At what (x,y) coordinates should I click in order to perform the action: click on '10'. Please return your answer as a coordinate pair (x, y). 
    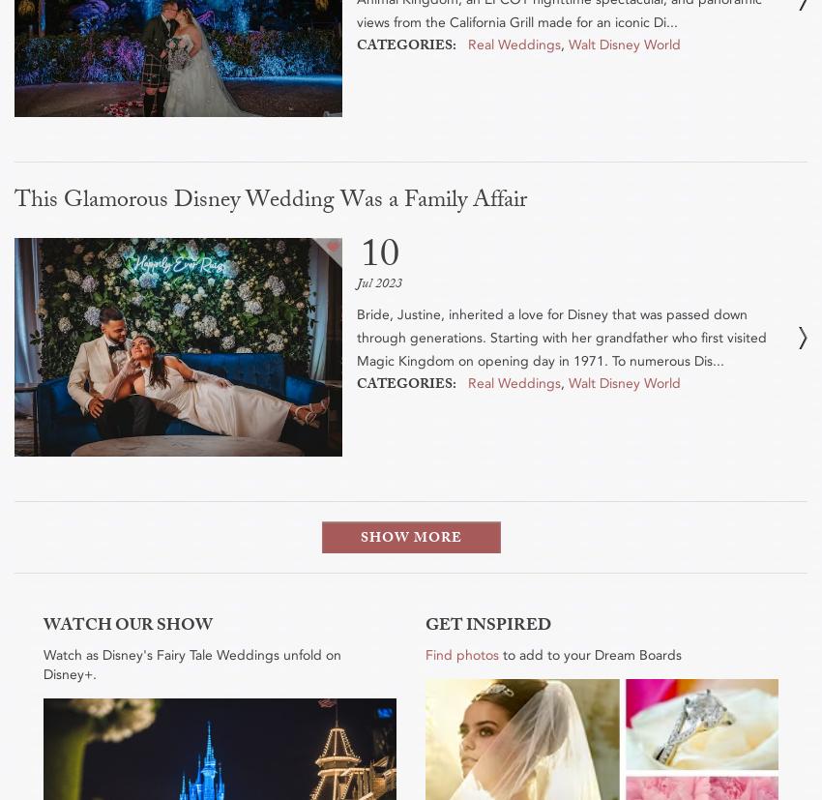
    Looking at the image, I should click on (379, 258).